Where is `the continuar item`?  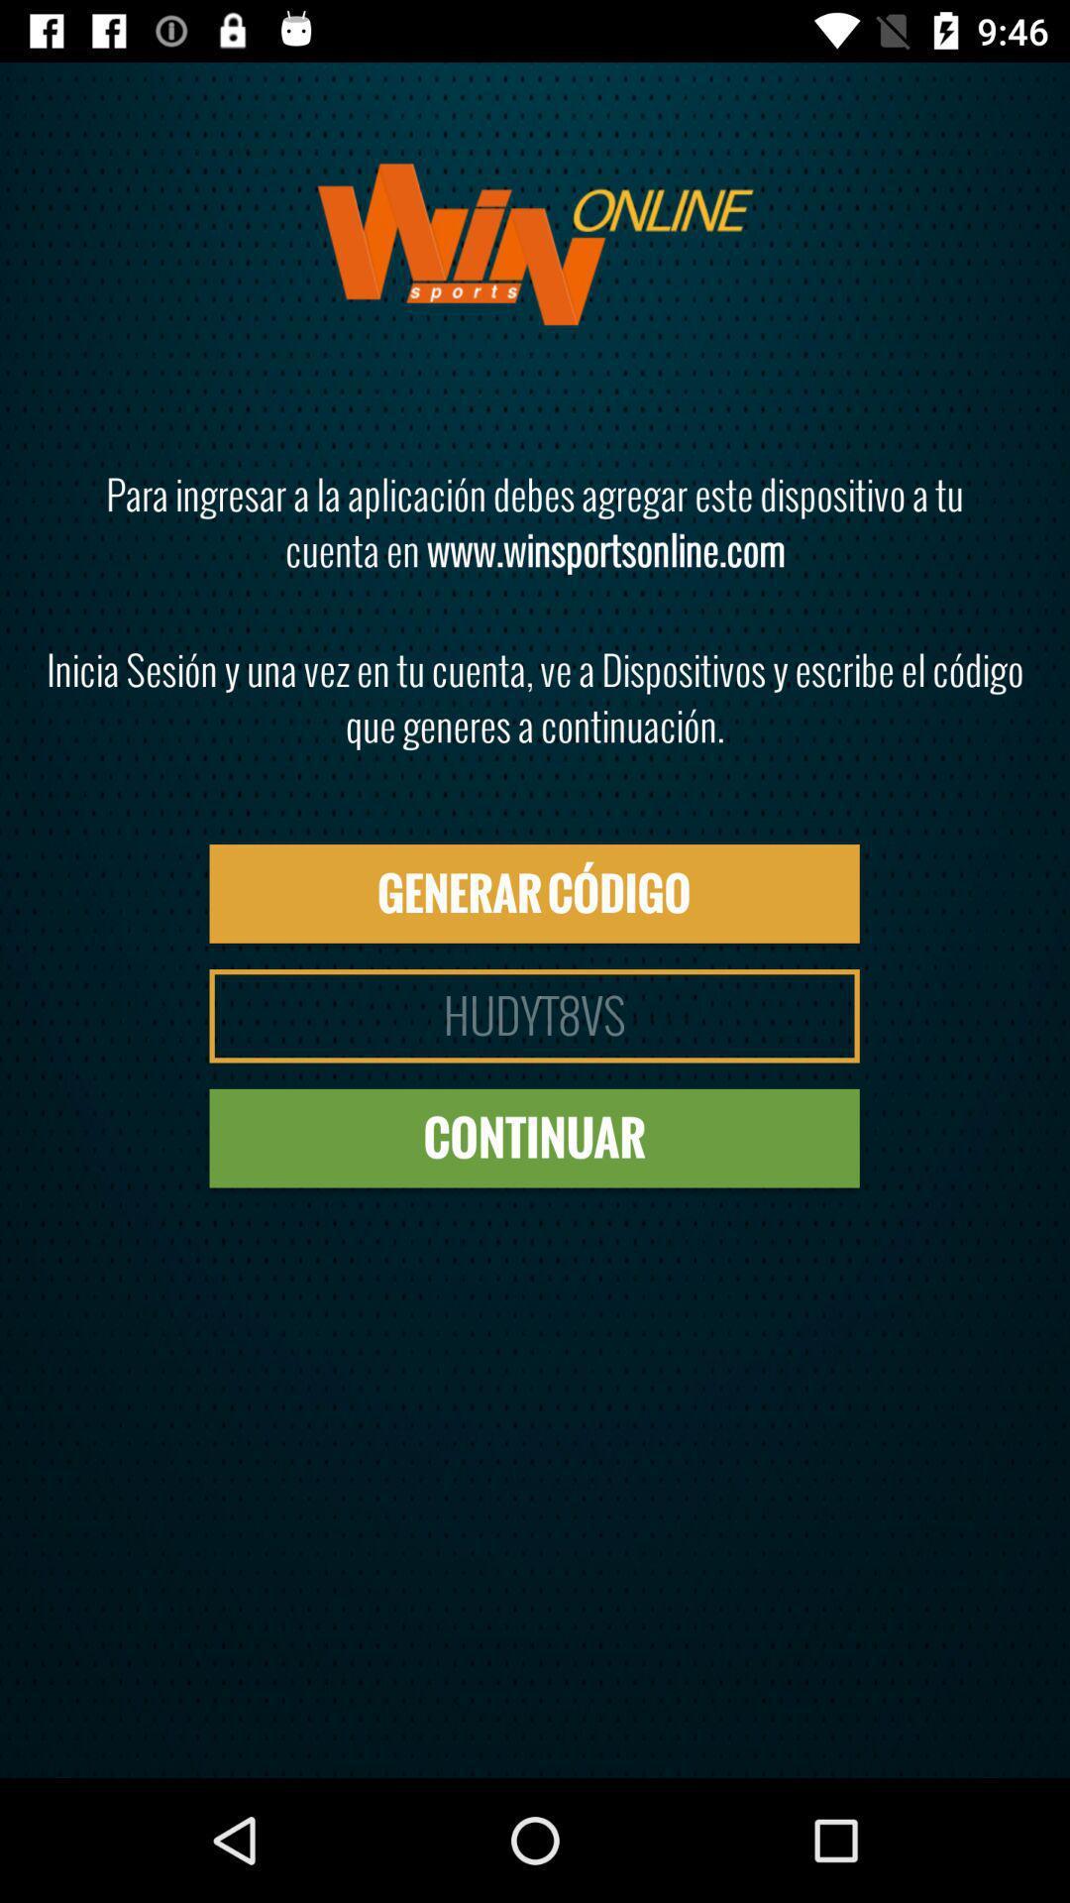 the continuar item is located at coordinates (533, 1138).